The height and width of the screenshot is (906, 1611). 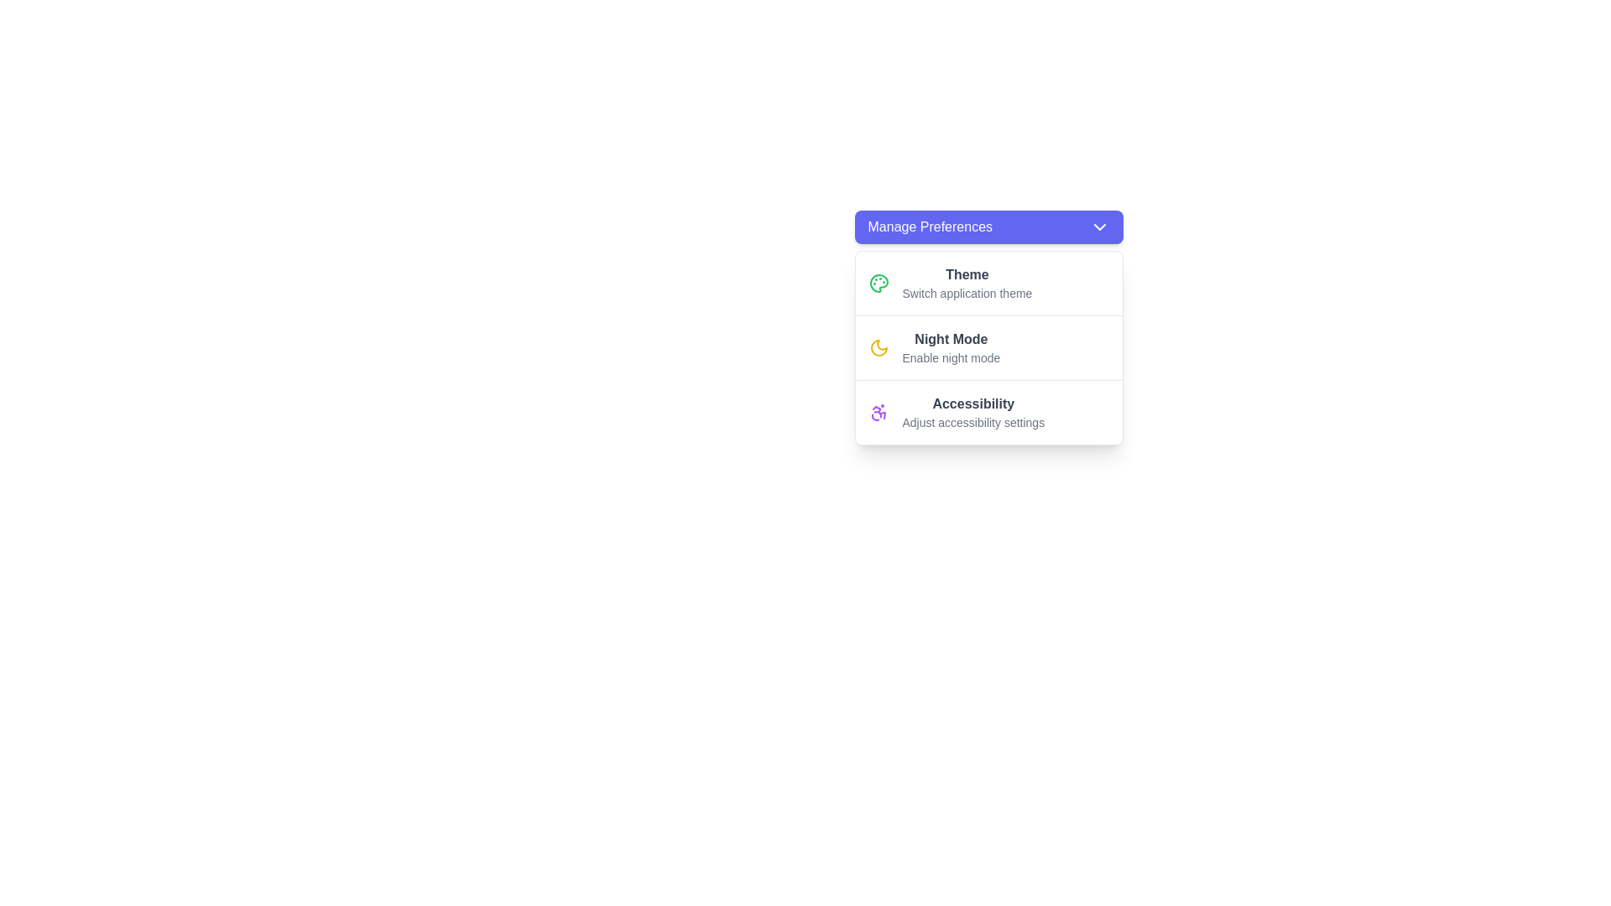 What do you see at coordinates (967, 293) in the screenshot?
I see `the descriptive text label that explains the purpose of the 'Theme' option located directly below the 'Theme' label in the dropdown menu` at bounding box center [967, 293].